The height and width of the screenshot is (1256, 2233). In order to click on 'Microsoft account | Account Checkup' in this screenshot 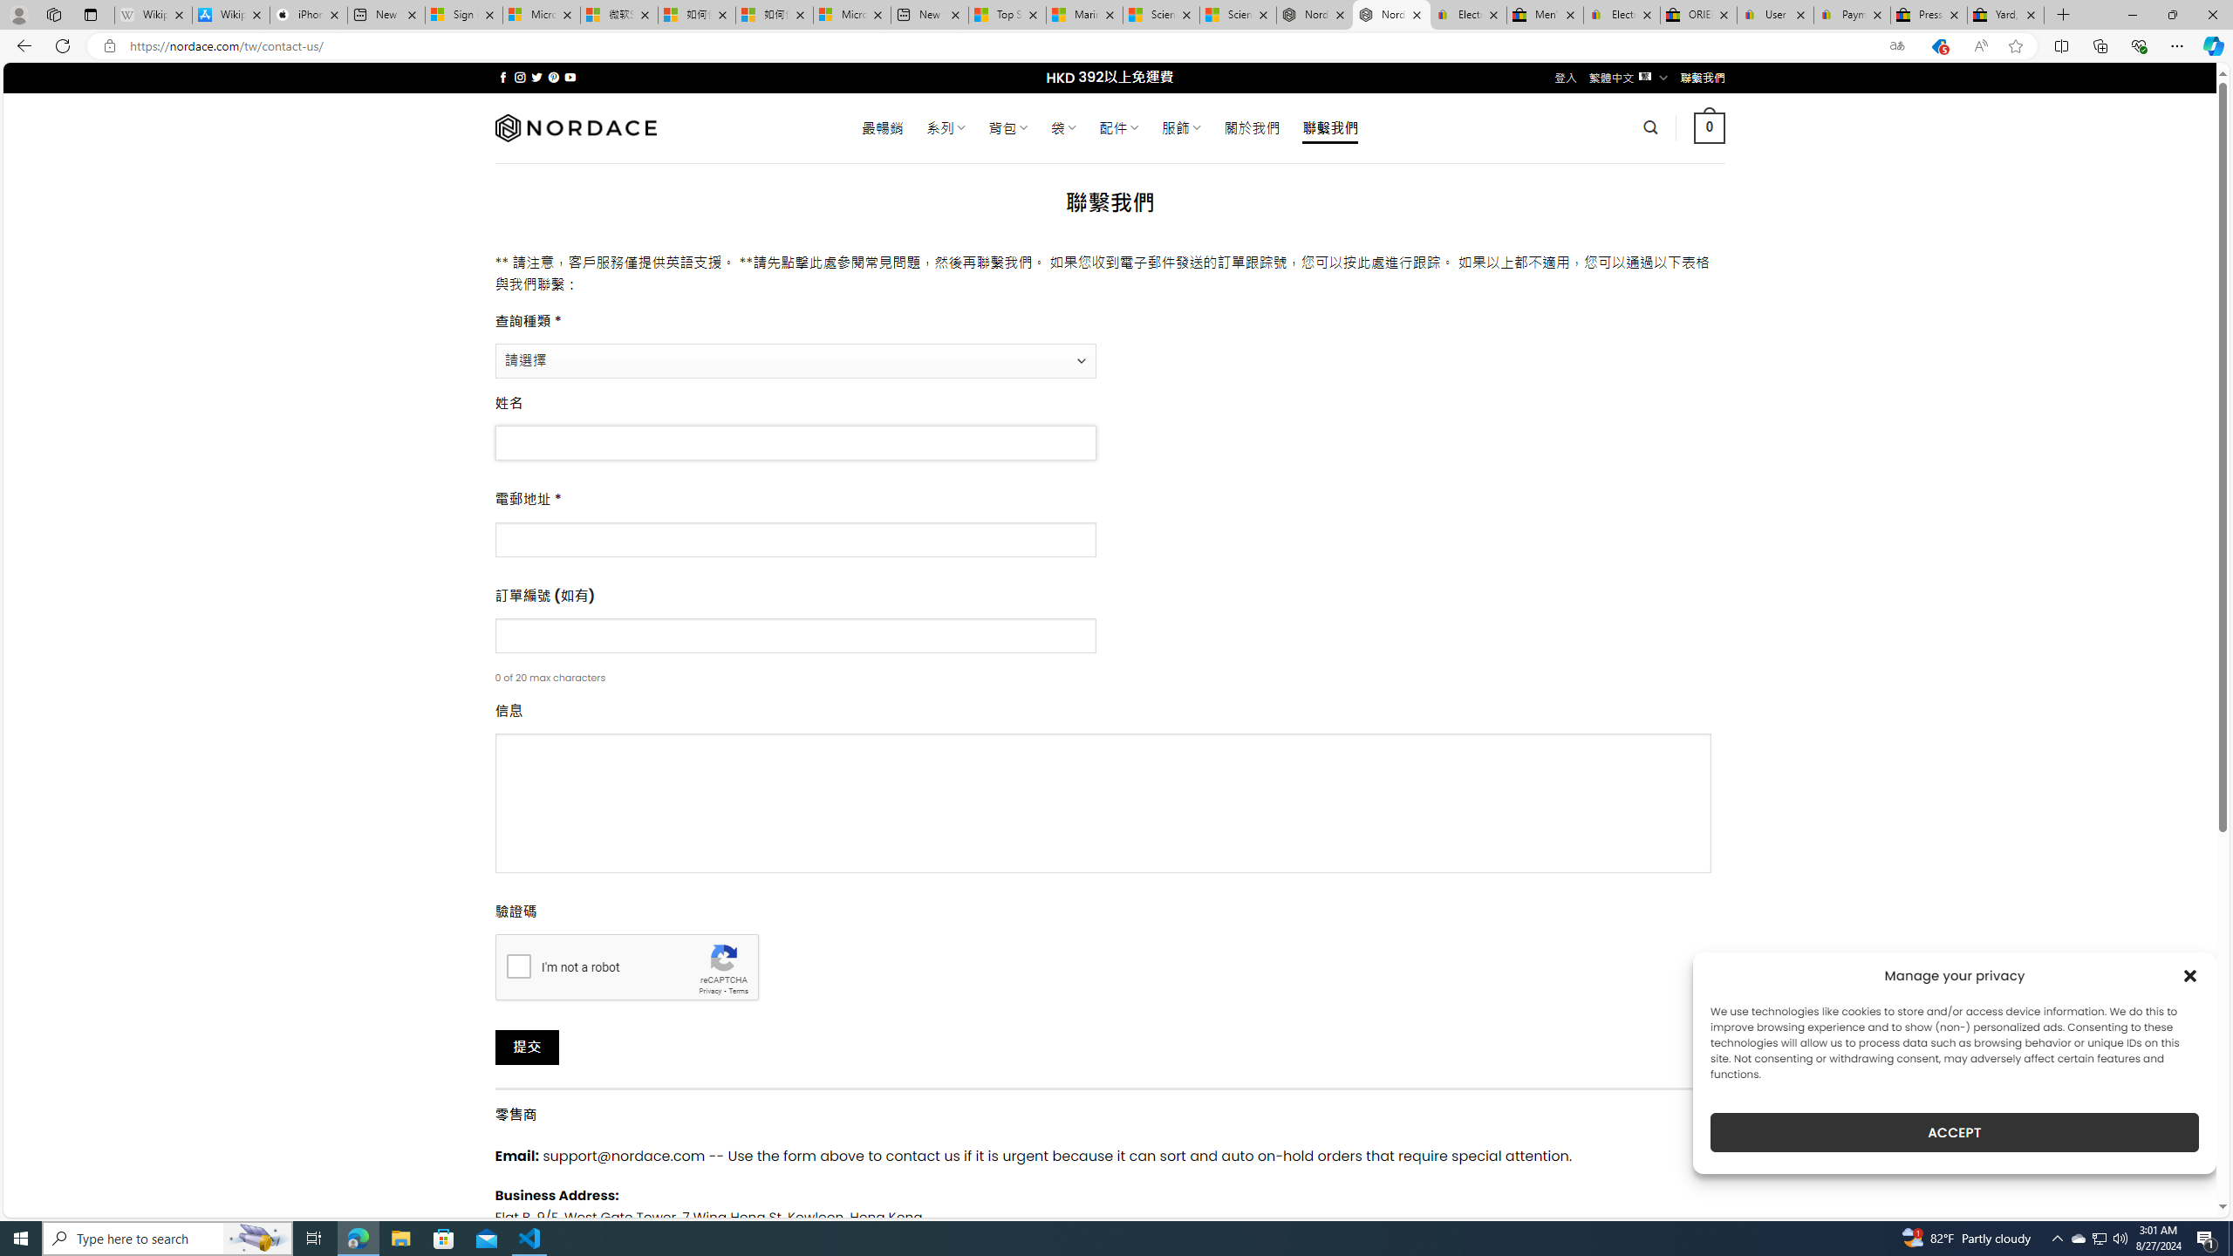, I will do `click(850, 14)`.